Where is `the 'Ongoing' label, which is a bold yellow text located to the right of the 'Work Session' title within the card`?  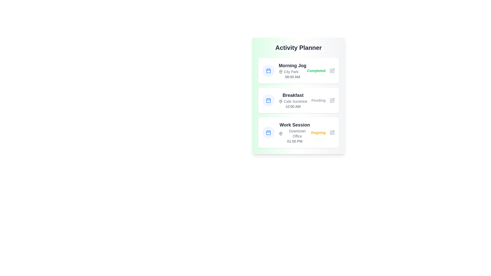 the 'Ongoing' label, which is a bold yellow text located to the right of the 'Work Session' title within the card is located at coordinates (322, 132).